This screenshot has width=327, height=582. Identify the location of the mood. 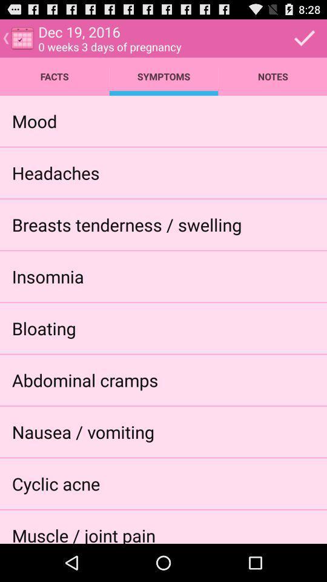
(35, 121).